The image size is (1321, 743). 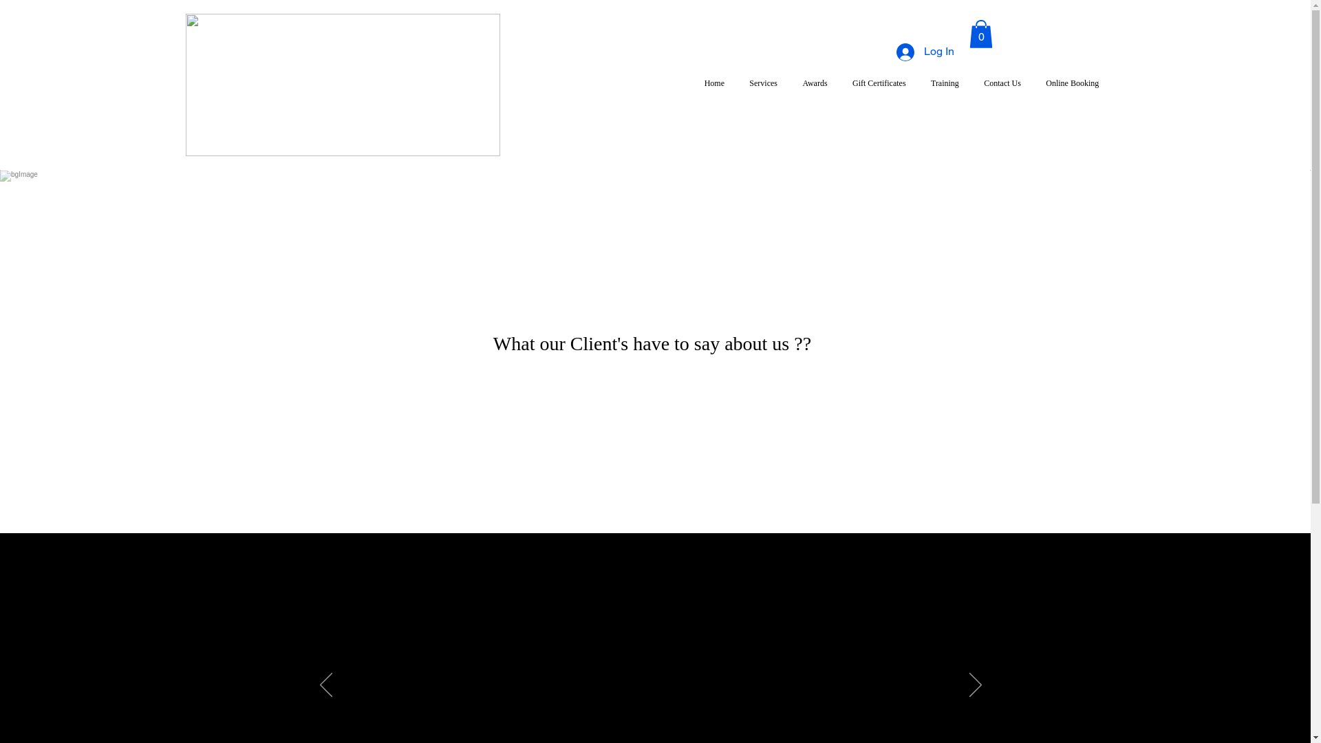 What do you see at coordinates (944, 83) in the screenshot?
I see `'Training'` at bounding box center [944, 83].